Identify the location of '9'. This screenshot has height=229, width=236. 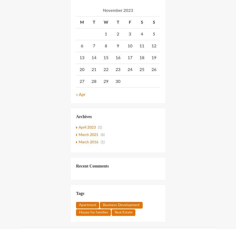
(116, 46).